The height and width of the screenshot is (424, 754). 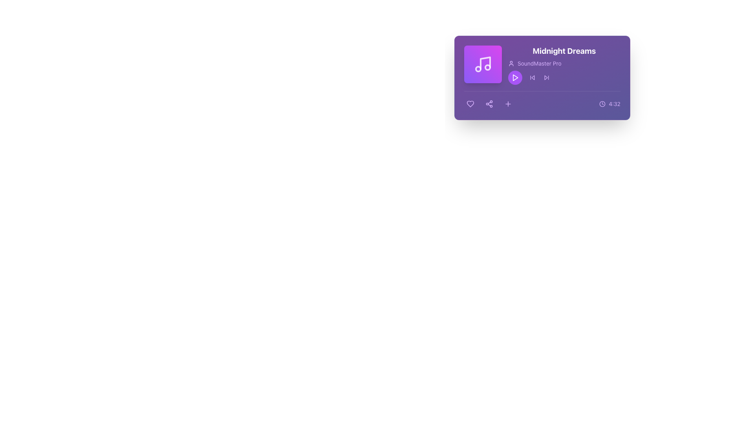 What do you see at coordinates (482, 64) in the screenshot?
I see `the music track icon located at the top-left of the card layout, which represents the audio track 'Midnight Dreams' by 'SoundMaster Pro'` at bounding box center [482, 64].